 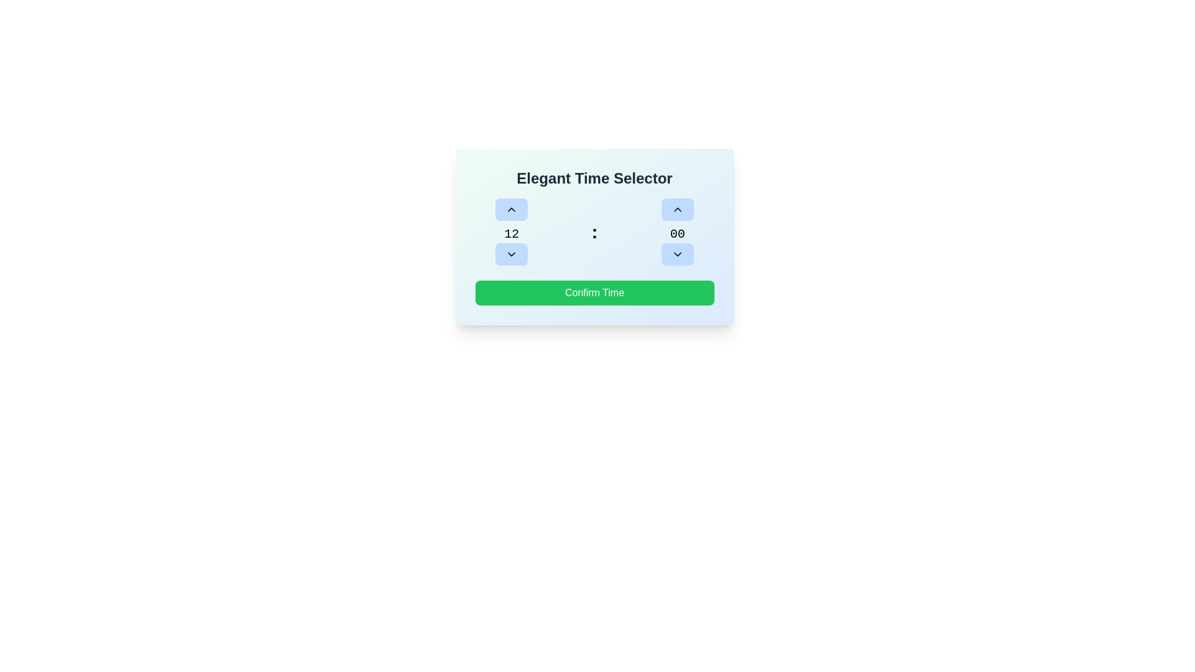 What do you see at coordinates (677, 232) in the screenshot?
I see `the time display element showing '00' in a monospaced font style, located in the center of the second column of the grid layout, between two chevron buttons` at bounding box center [677, 232].